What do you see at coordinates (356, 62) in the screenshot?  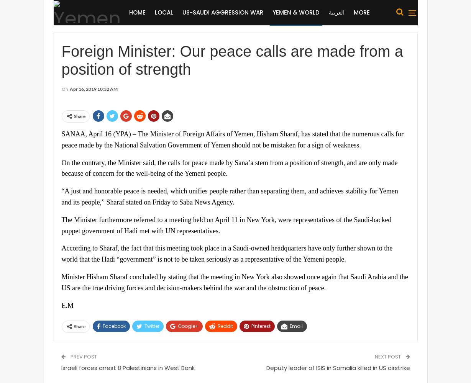 I see `'Organized Crimes'` at bounding box center [356, 62].